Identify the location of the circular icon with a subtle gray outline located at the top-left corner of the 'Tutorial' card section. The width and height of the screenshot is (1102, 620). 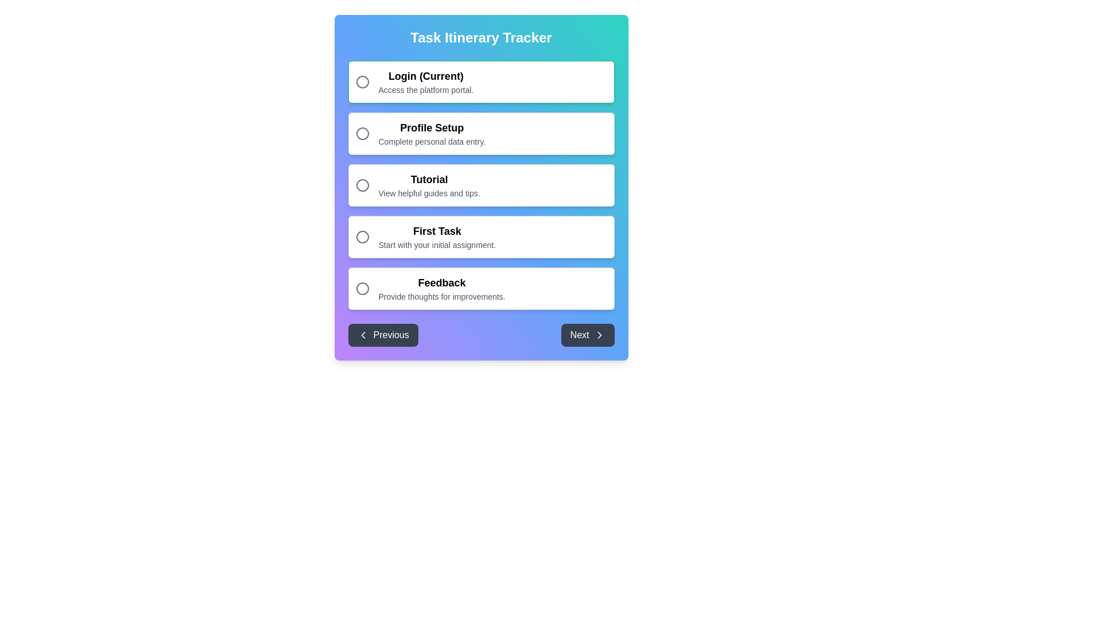
(362, 185).